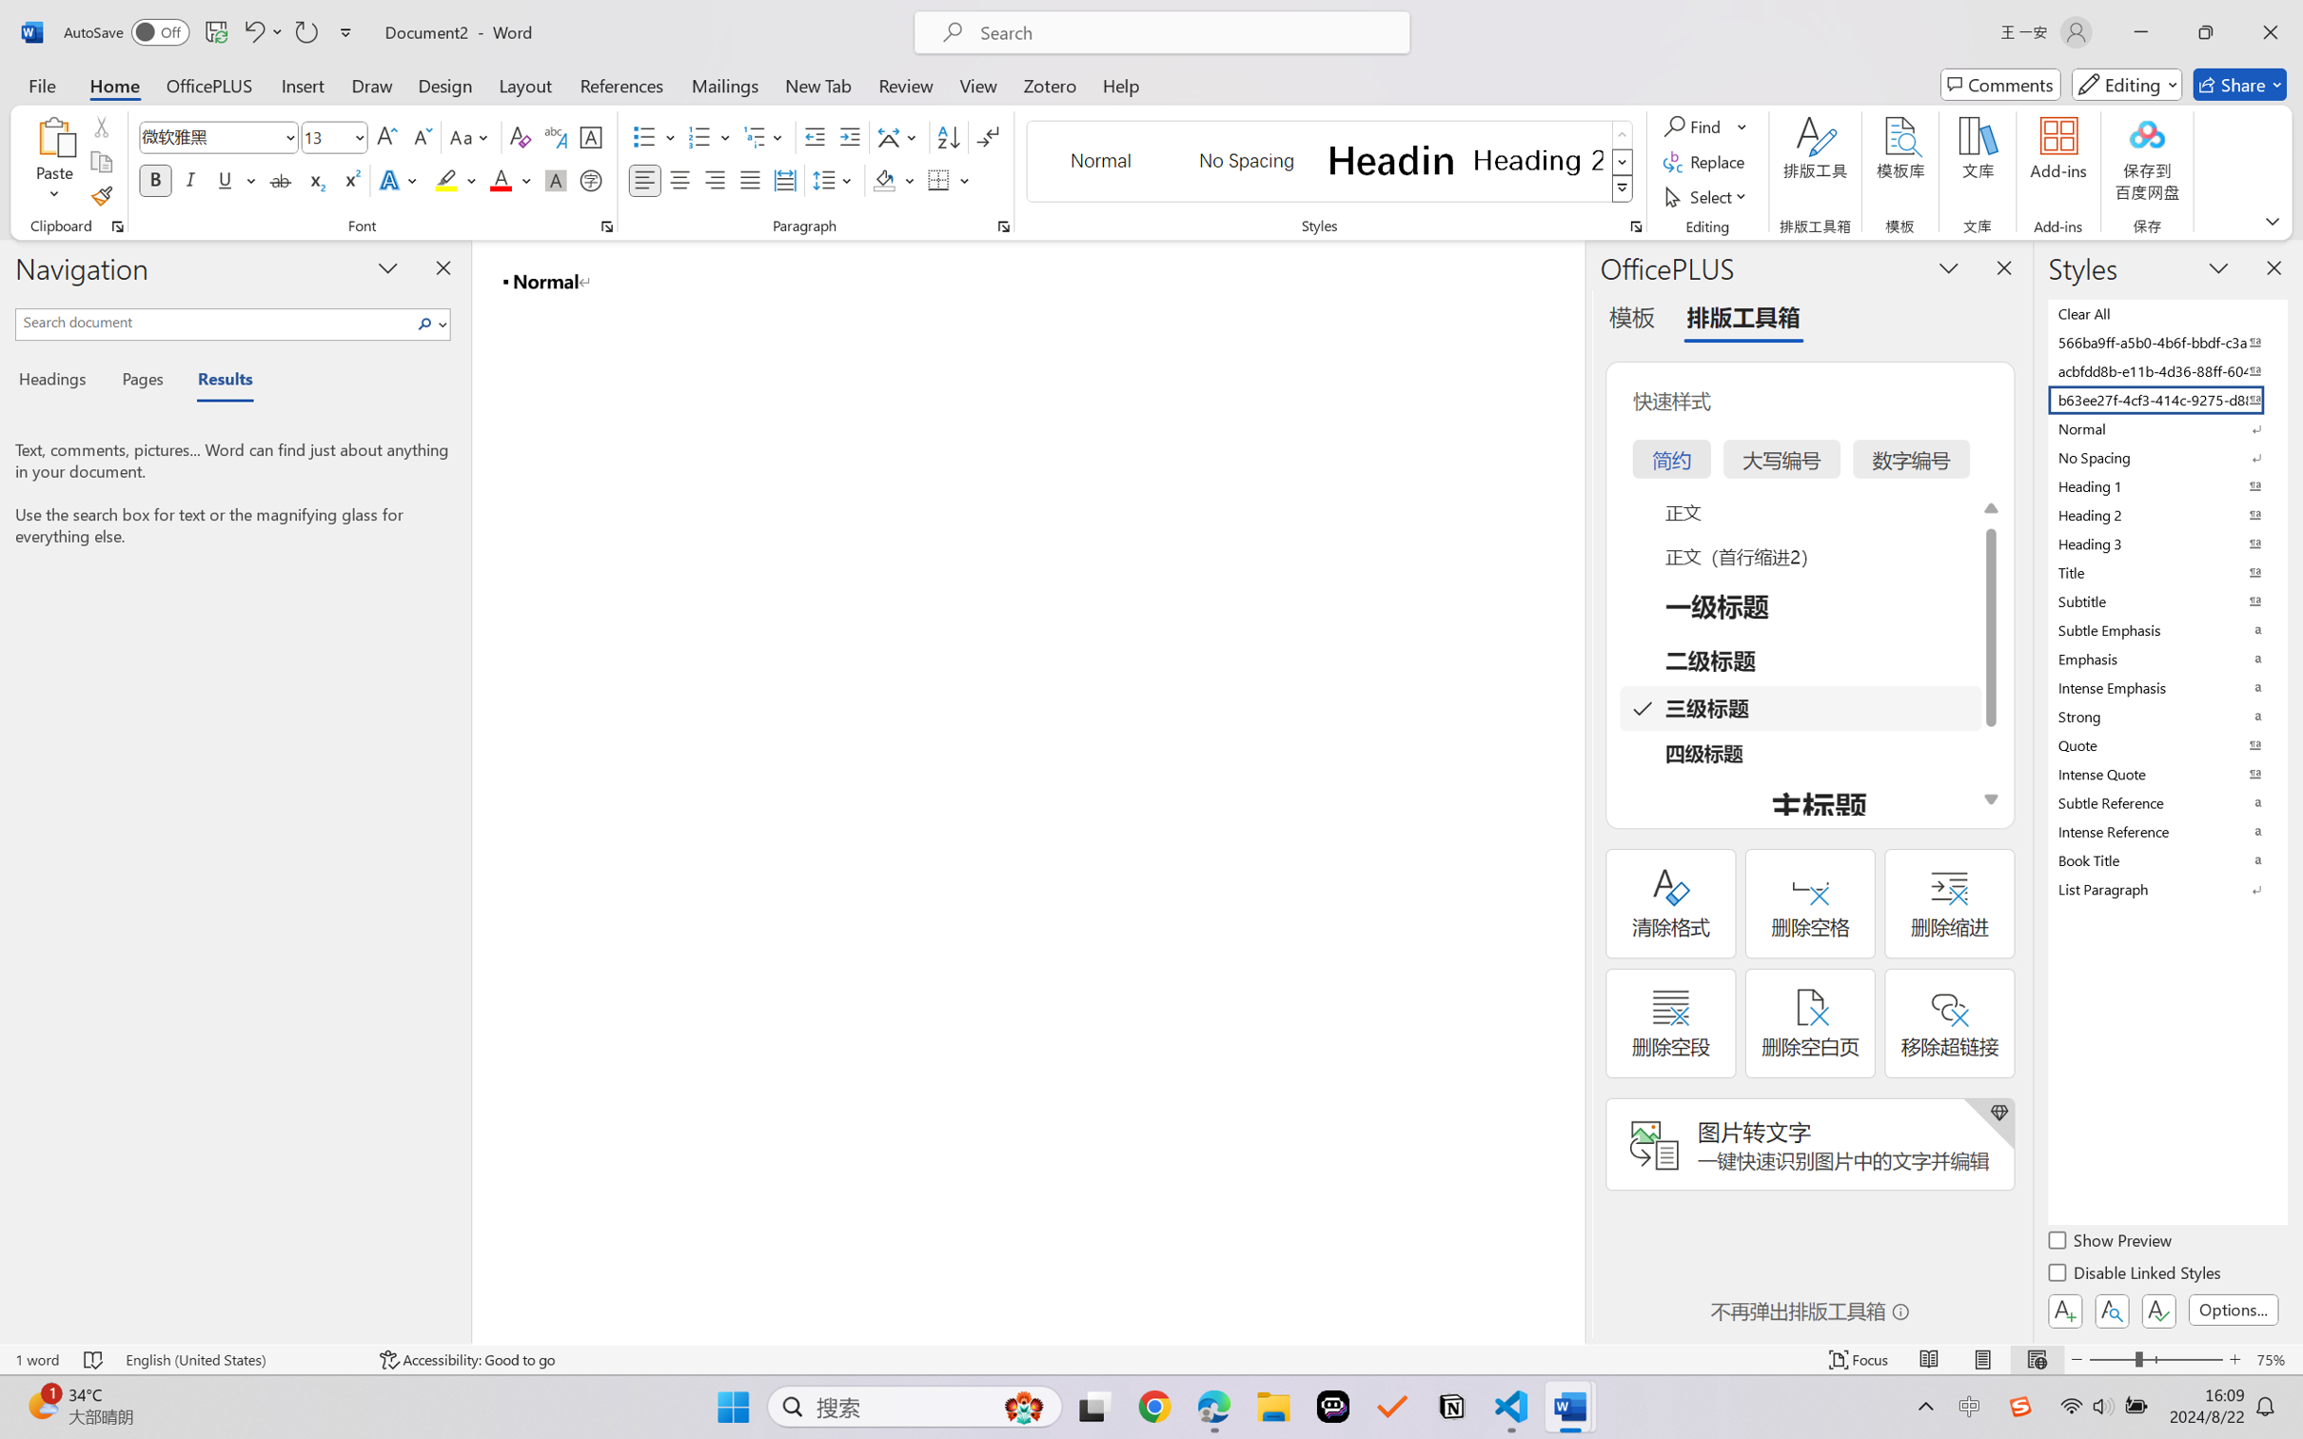 The width and height of the screenshot is (2303, 1439). Describe the element at coordinates (2165, 341) in the screenshot. I see `'566ba9ff-a5b0-4b6f-bbdf-c3ab41993fc2'` at that location.